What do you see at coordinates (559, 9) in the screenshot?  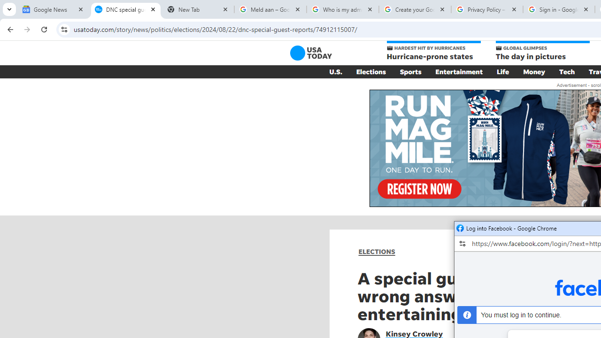 I see `'Sign in - Google Accounts'` at bounding box center [559, 9].